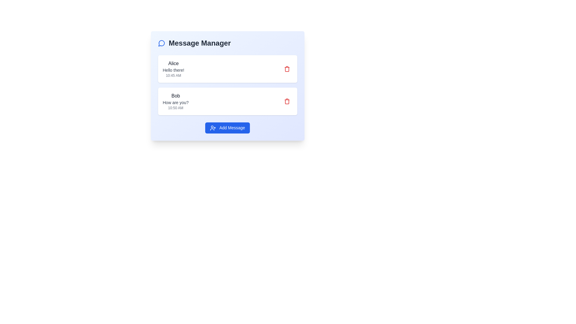  What do you see at coordinates (227, 101) in the screenshot?
I see `the message card representing a single message in the messaging interface` at bounding box center [227, 101].